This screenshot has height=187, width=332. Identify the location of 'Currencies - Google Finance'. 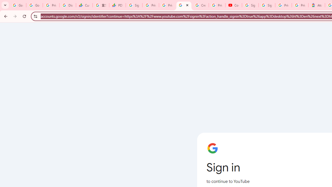
(84, 5).